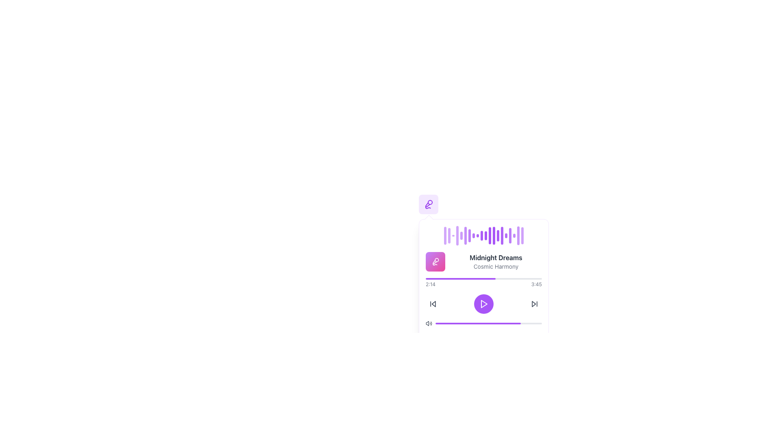  Describe the element at coordinates (428, 204) in the screenshot. I see `the rounded square button with a light purple background and a magnifying glass icon` at that location.